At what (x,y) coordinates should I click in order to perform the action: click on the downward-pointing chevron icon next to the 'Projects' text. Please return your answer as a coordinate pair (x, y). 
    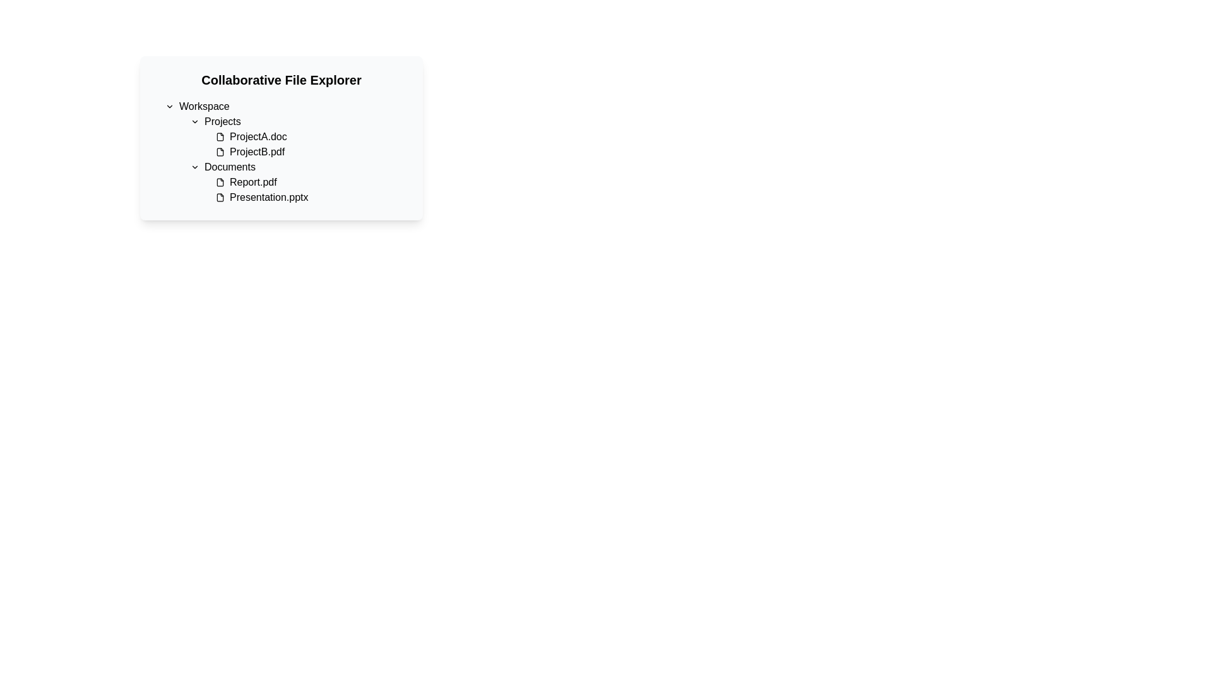
    Looking at the image, I should click on (194, 121).